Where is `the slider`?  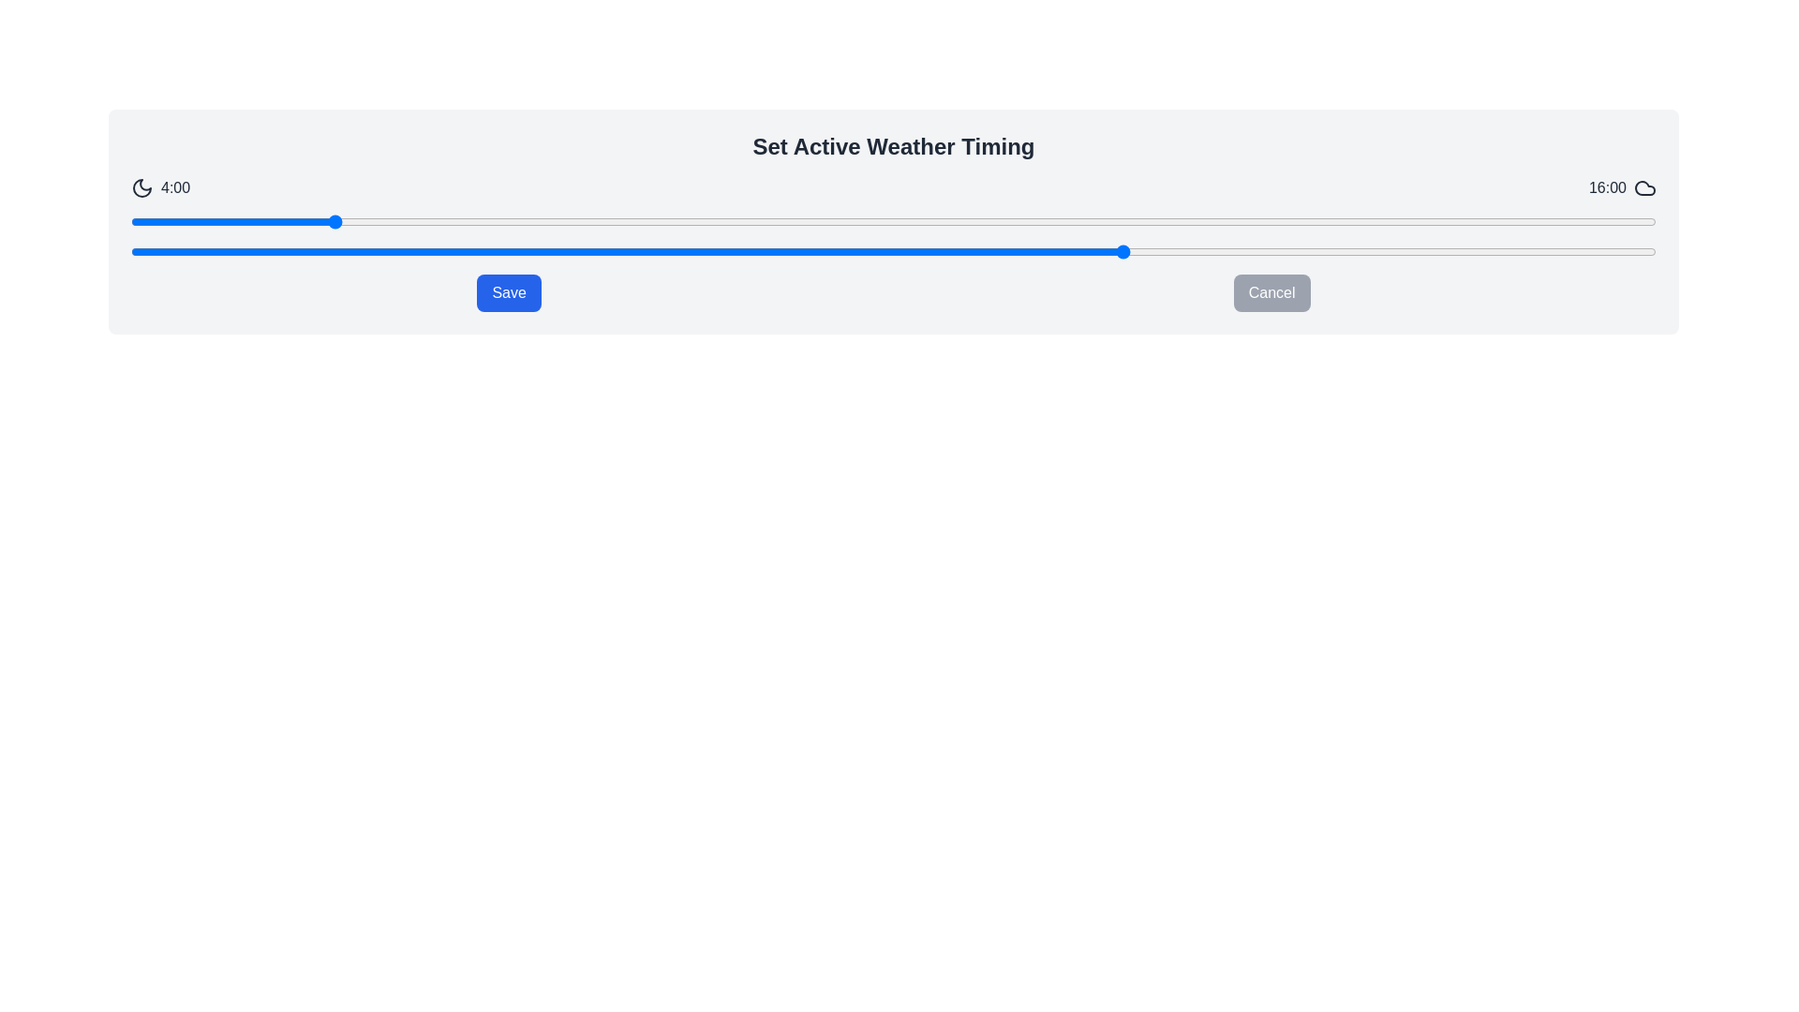
the slider is located at coordinates (1324, 251).